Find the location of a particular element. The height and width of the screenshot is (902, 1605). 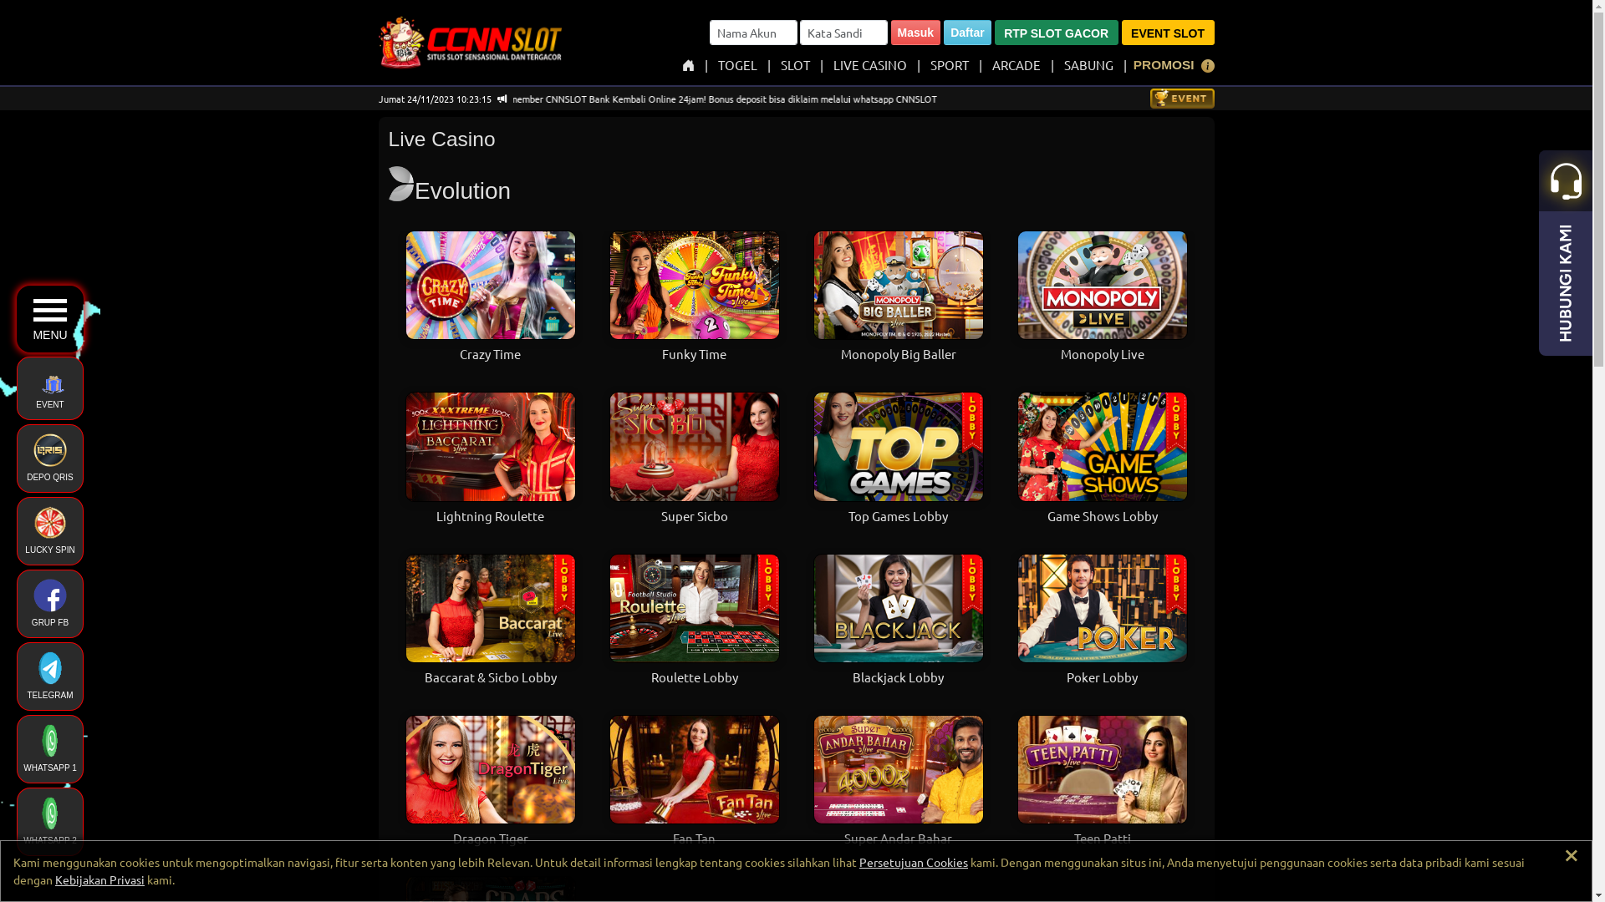

'Persetujuan Cookies' is located at coordinates (913, 862).